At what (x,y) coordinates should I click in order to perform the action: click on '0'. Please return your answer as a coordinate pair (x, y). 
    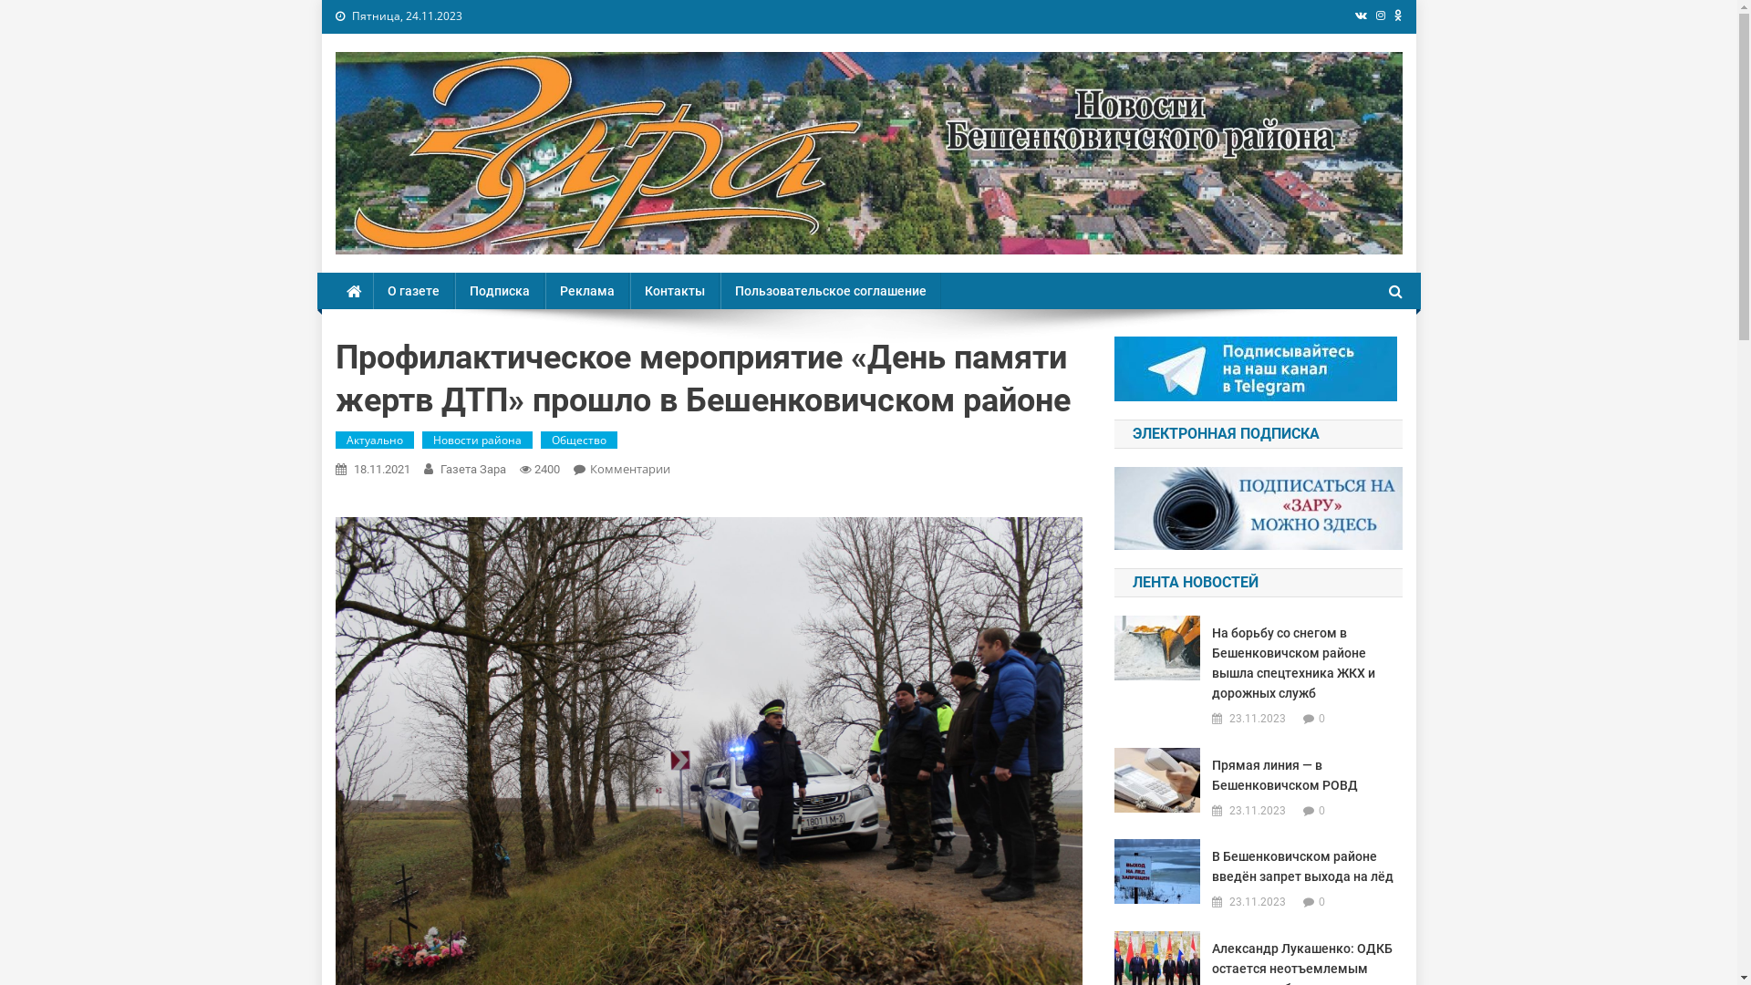
    Looking at the image, I should click on (1321, 717).